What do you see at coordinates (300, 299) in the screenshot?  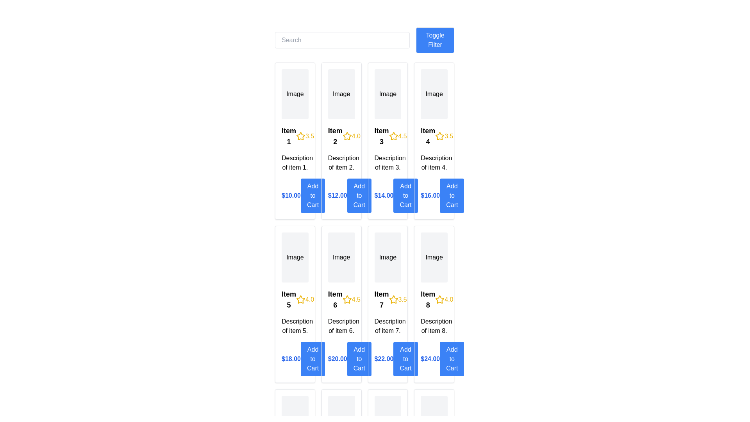 I see `the yellow decorative star icon in the rating component, which is the first star adjacent to the label '4.0' for 'Item 5'` at bounding box center [300, 299].